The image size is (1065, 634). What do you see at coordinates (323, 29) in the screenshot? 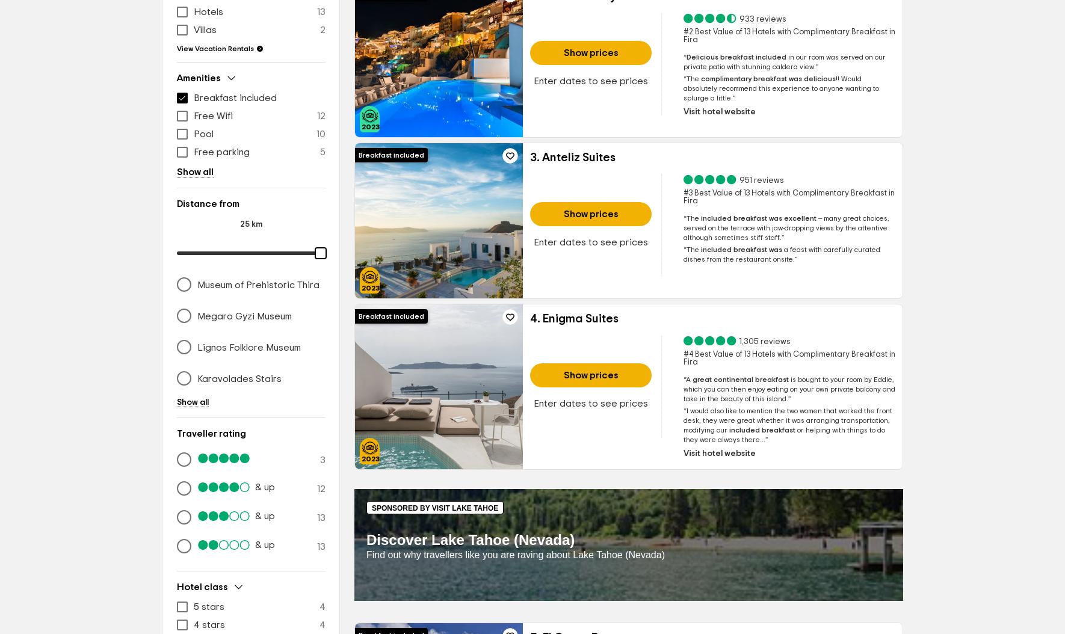
I see `'2'` at bounding box center [323, 29].